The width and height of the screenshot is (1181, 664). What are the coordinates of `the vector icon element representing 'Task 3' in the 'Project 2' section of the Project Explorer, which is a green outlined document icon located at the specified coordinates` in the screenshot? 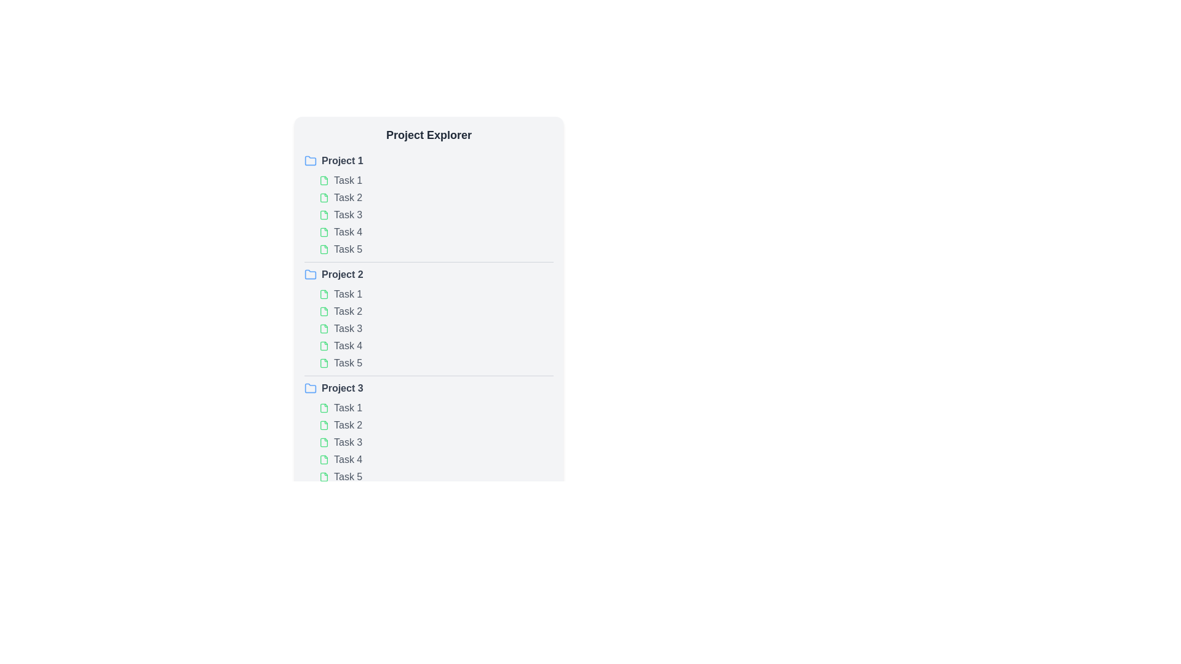 It's located at (324, 328).